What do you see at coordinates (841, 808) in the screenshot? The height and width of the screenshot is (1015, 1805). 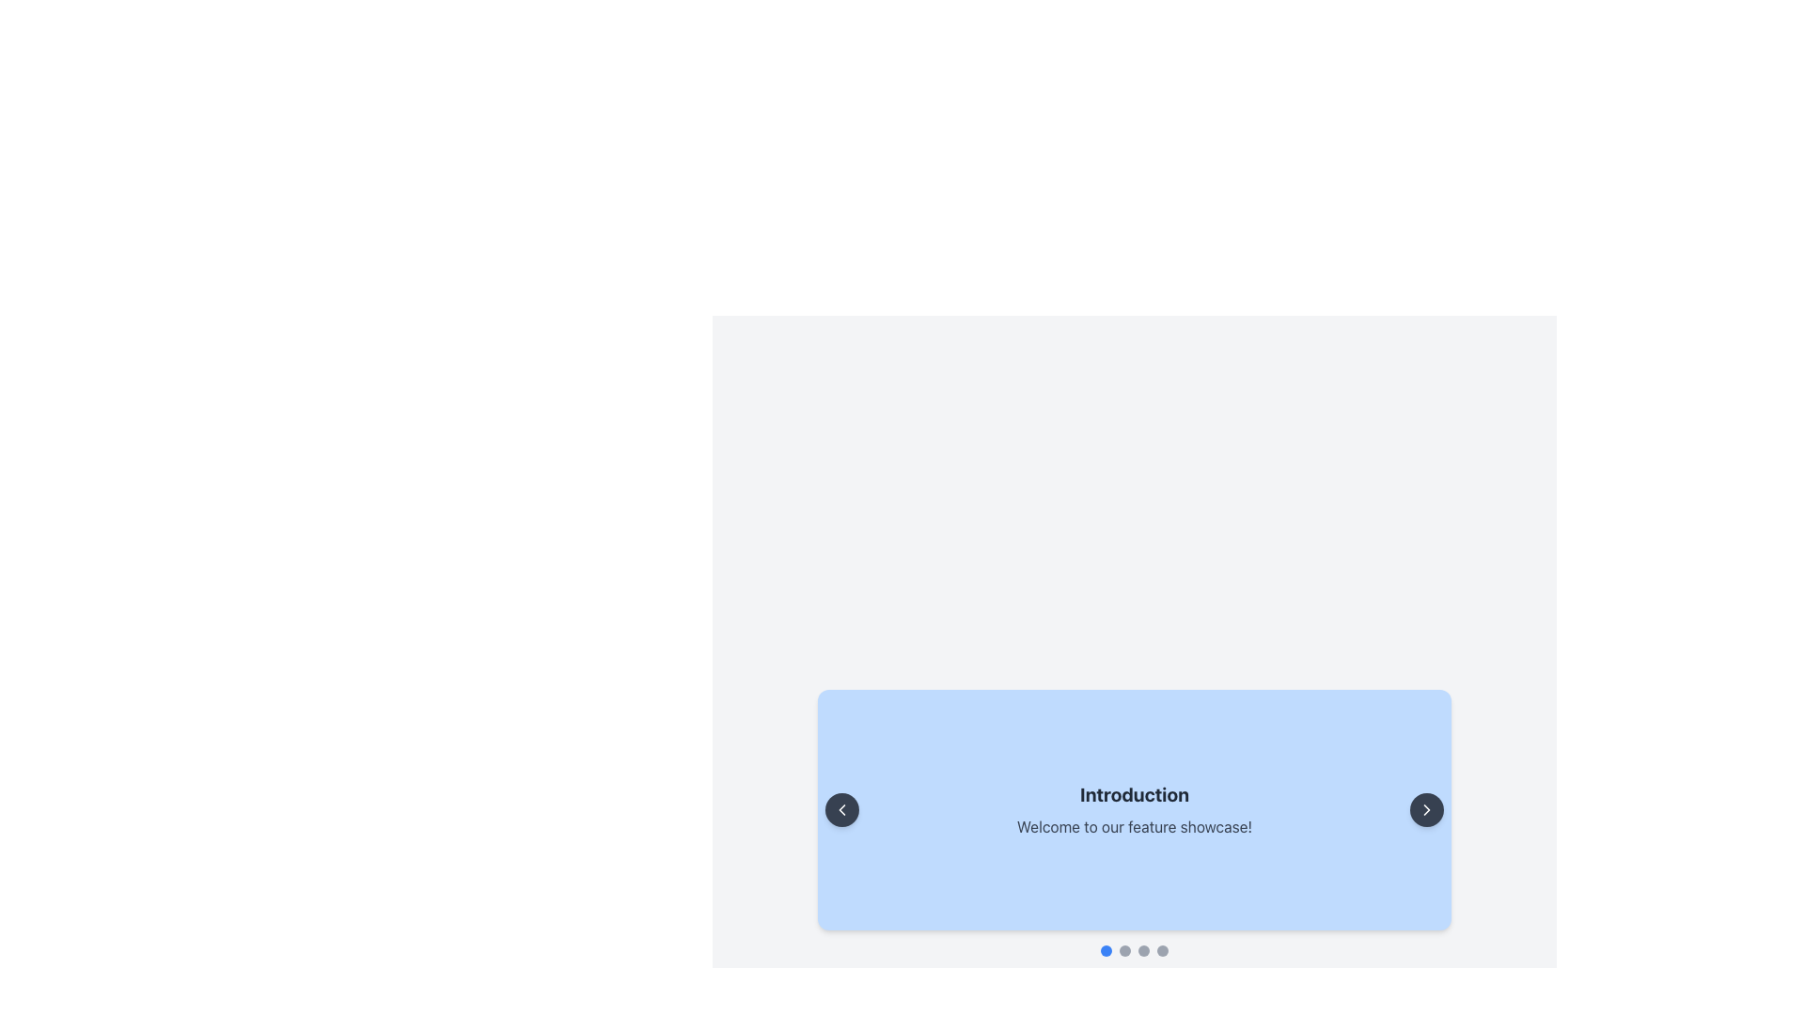 I see `the leftward chevron icon, which is located within a circular dark gray button` at bounding box center [841, 808].